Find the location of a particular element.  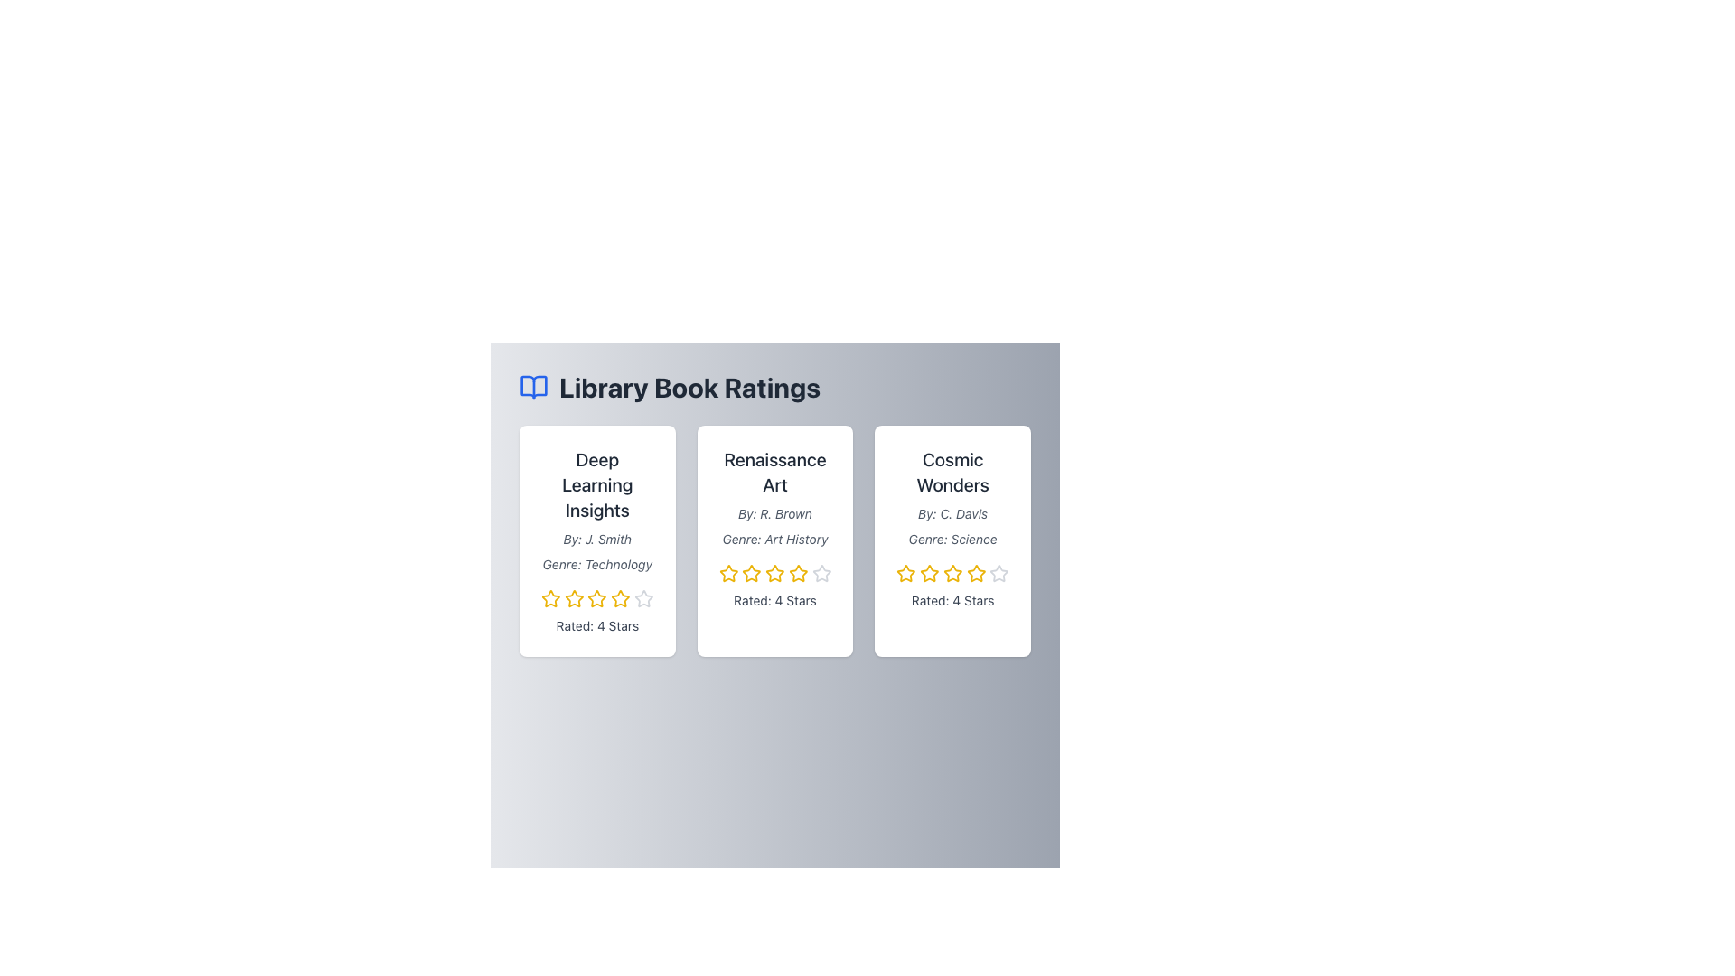

italicized text element that says 'Genre: Technology', which is positioned below the title 'Deep Learning Insights' and above the rating stars component is located at coordinates (597, 563).